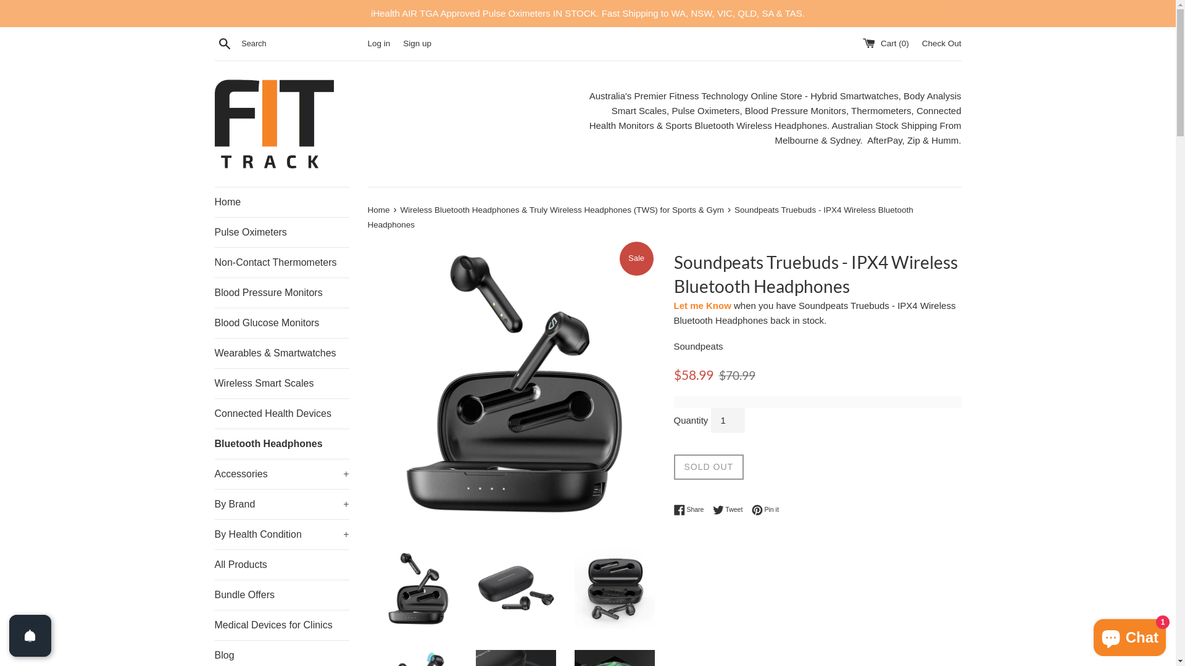 Image resolution: width=1185 pixels, height=666 pixels. Describe the element at coordinates (214, 382) in the screenshot. I see `'Wireless Smart Scales'` at that location.